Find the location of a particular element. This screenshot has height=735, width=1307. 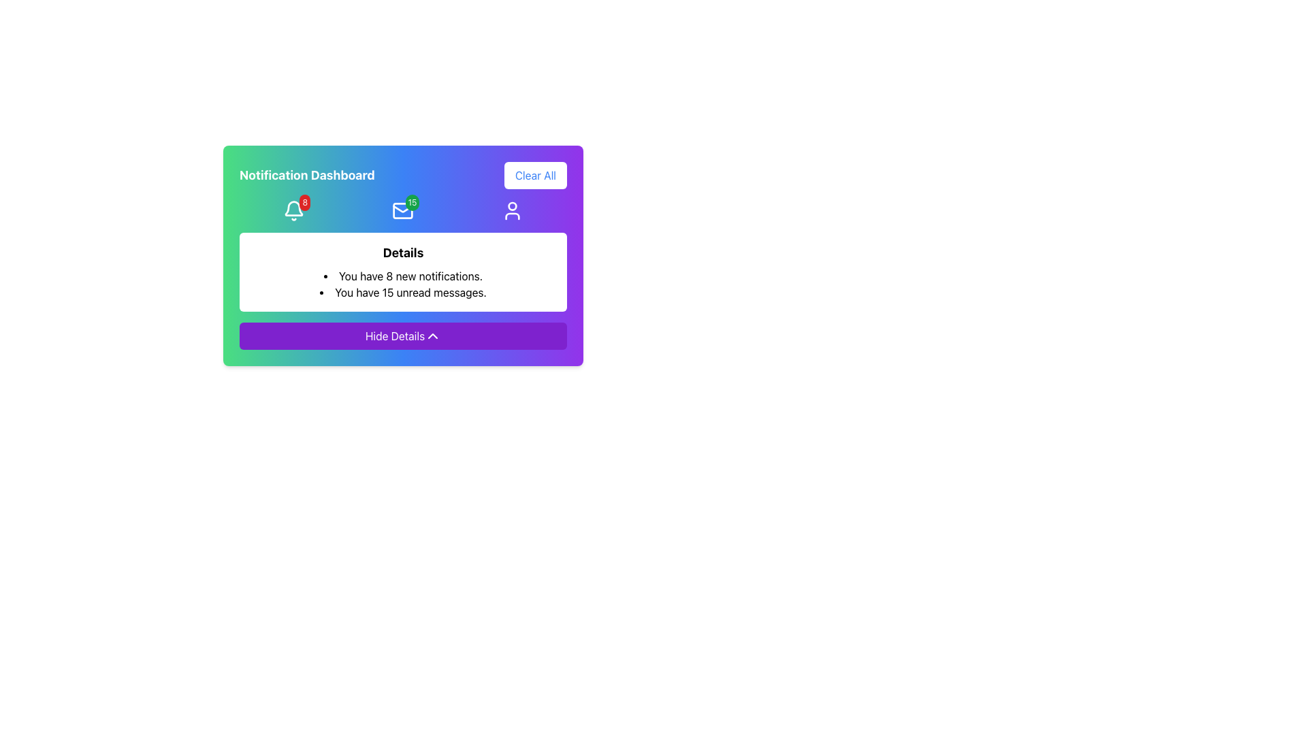

the rectangular SVG shape that represents the main body of the envelope icon located in the upper section of the notification dashboard is located at coordinates (402, 210).